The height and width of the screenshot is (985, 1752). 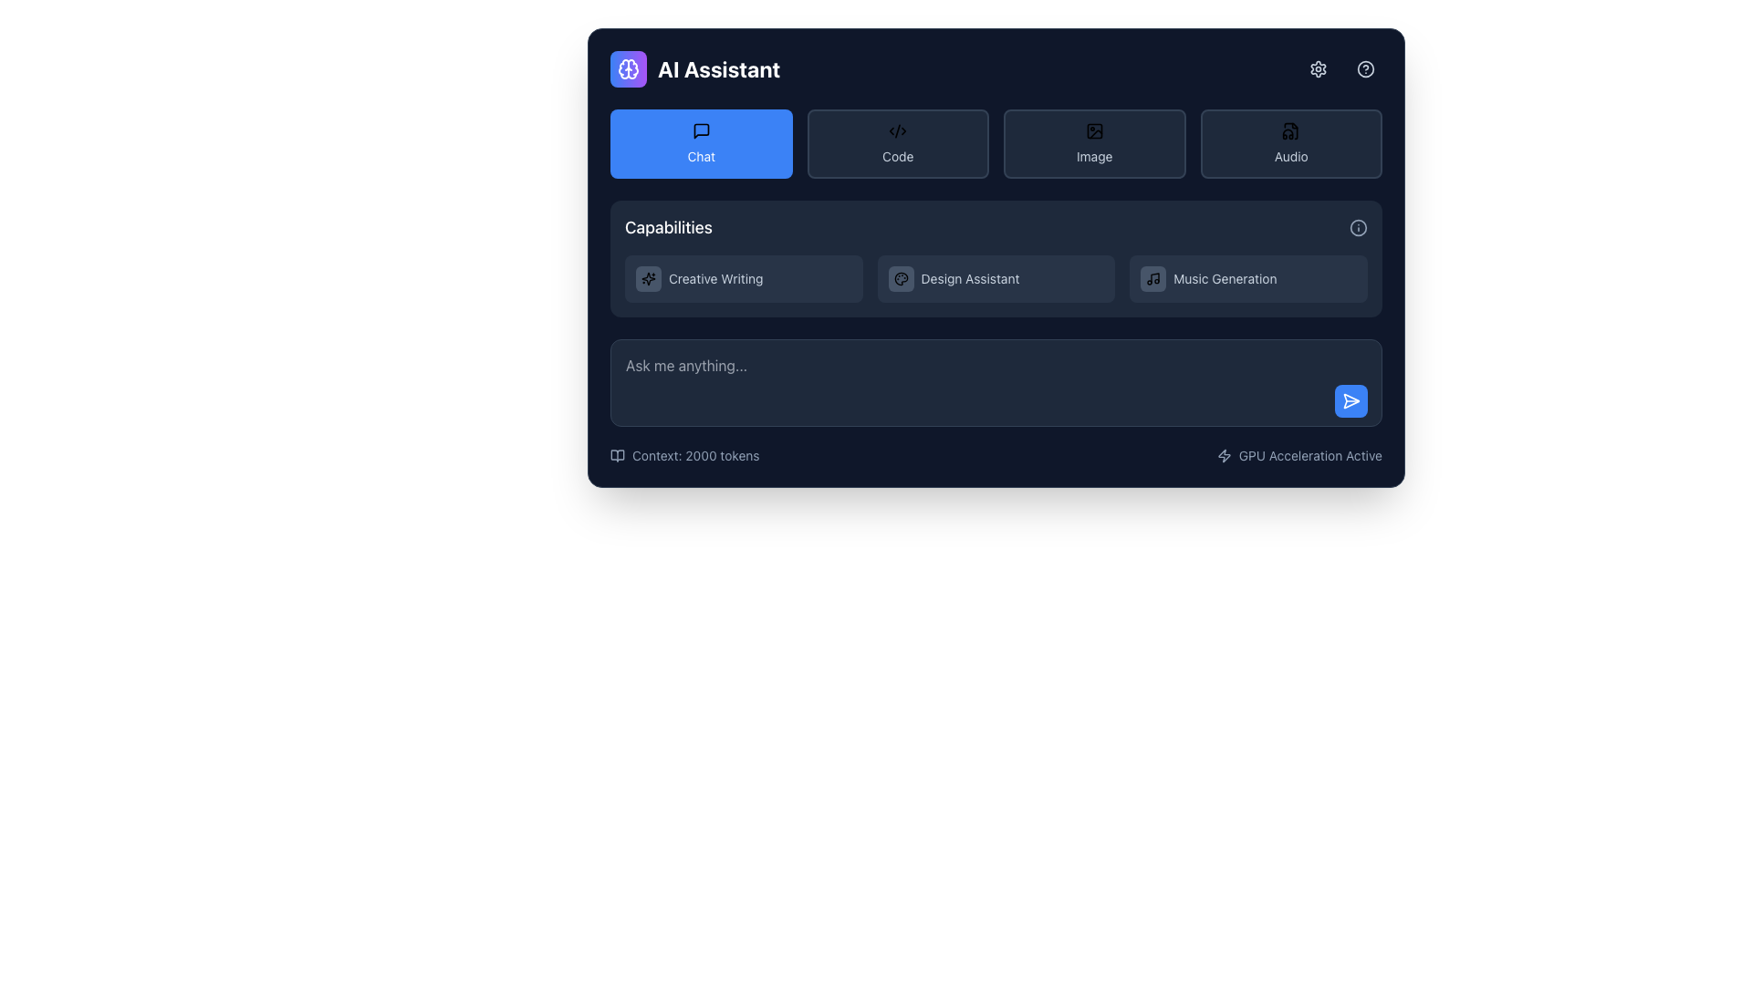 What do you see at coordinates (700, 156) in the screenshot?
I see `properties of the 'Chat' text label found within the blue rounded rectangular button that includes a speech bubble icon` at bounding box center [700, 156].